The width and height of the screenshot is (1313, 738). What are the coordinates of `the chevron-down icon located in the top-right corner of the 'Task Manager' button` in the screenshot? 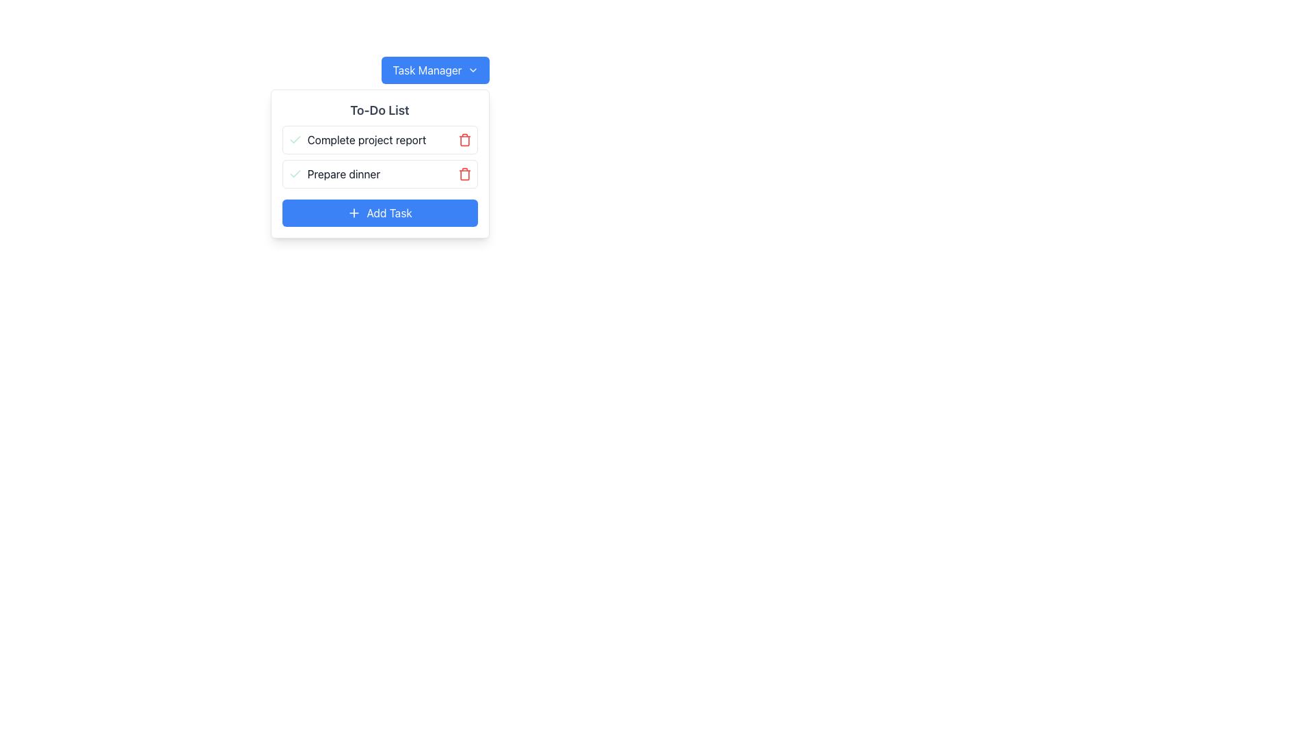 It's located at (473, 70).